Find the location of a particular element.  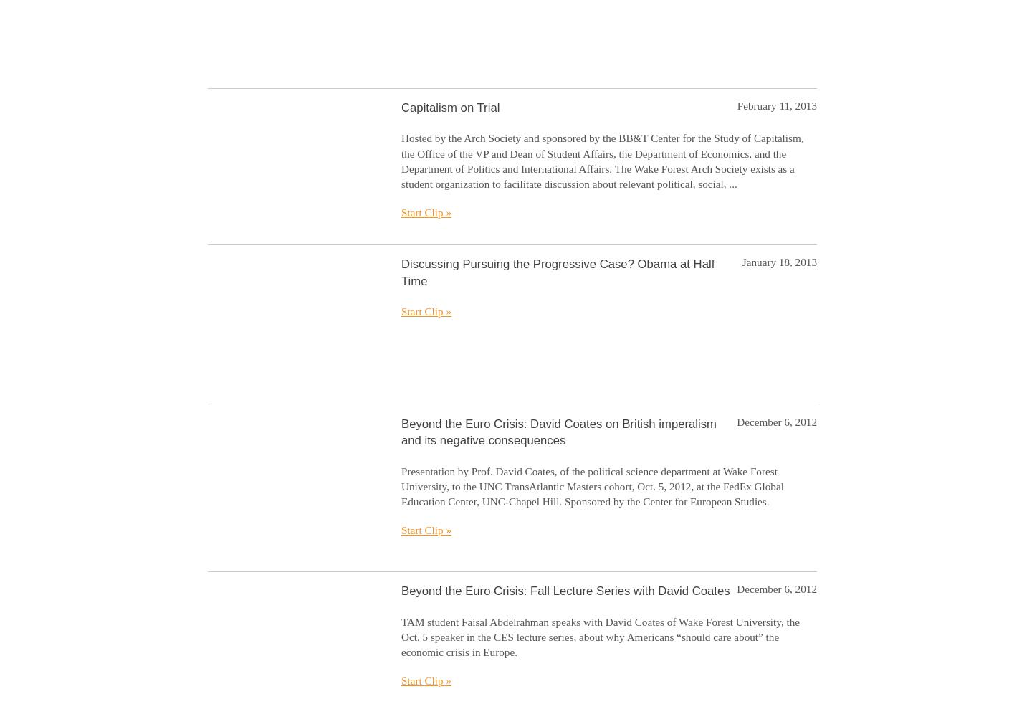

'Beyond the Euro Crisis: David Coates on British imperalism and its negative consequences' is located at coordinates (558, 431).